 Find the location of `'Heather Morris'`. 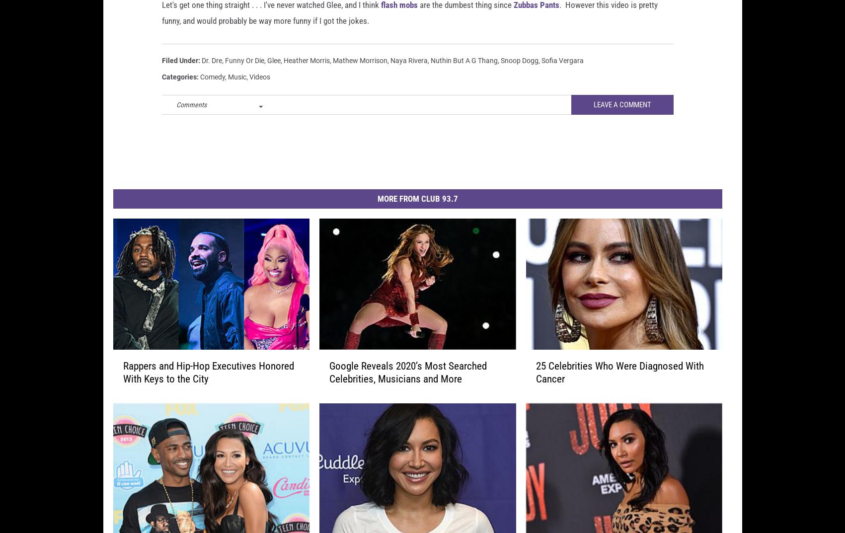

'Heather Morris' is located at coordinates (306, 76).